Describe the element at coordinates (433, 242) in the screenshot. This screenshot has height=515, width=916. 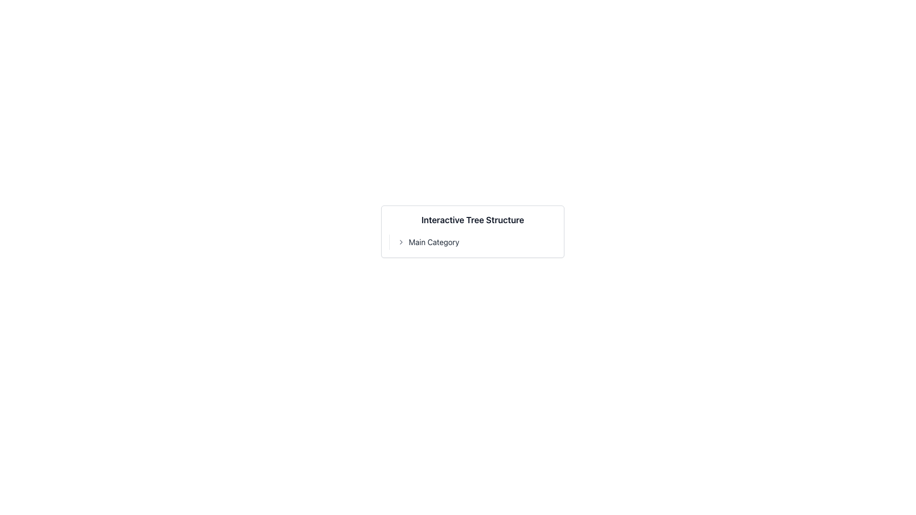
I see `the text element displaying 'Main Category' in bold, dark gray font, which is centrally positioned slightly lower than the header and to the right of a left-facing chevron icon` at that location.